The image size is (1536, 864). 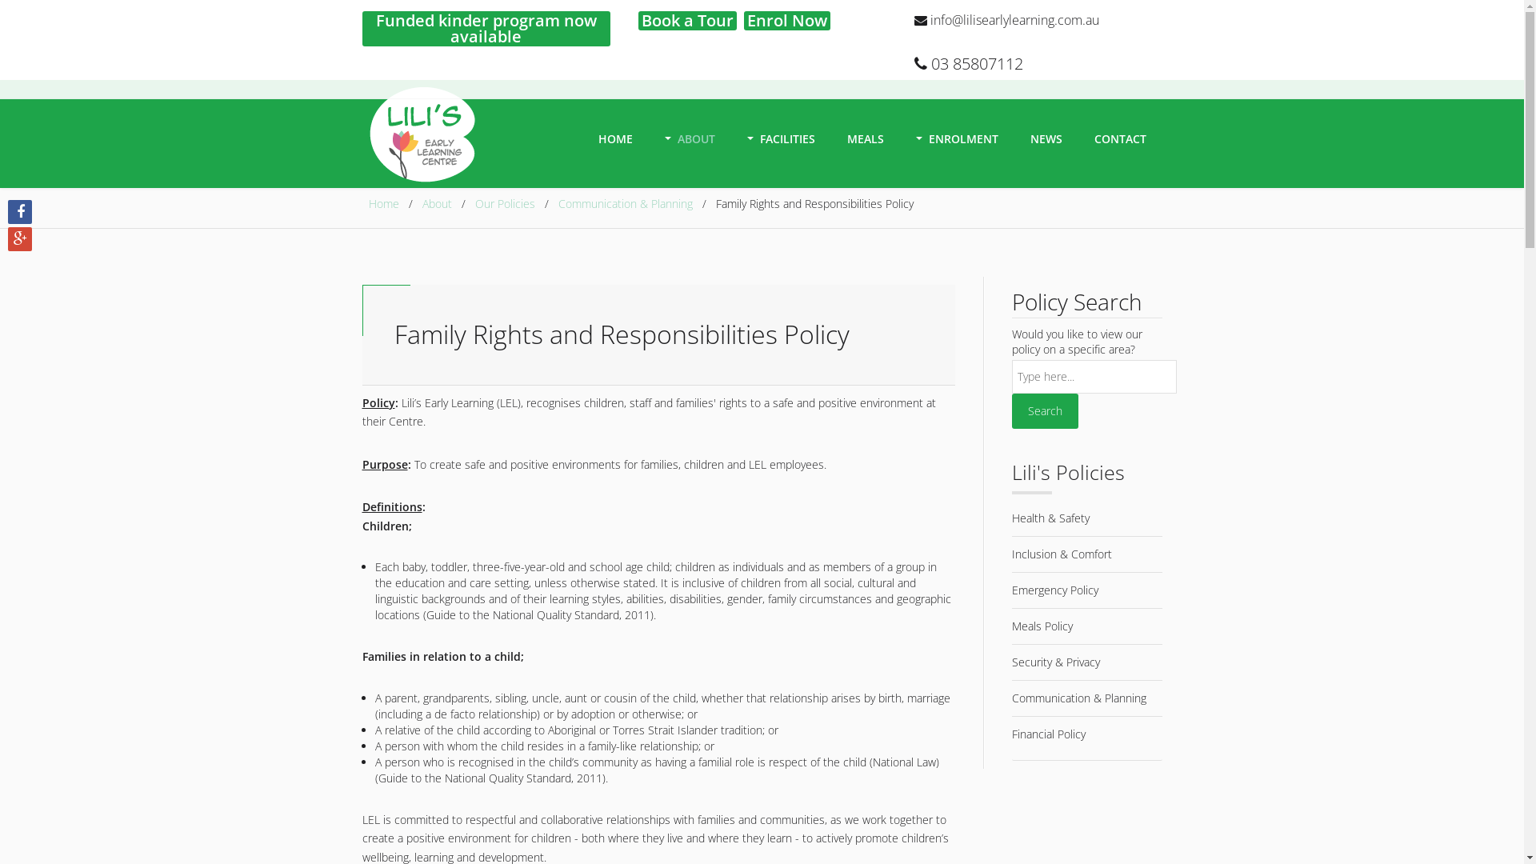 I want to click on 'Search', so click(x=1045, y=410).